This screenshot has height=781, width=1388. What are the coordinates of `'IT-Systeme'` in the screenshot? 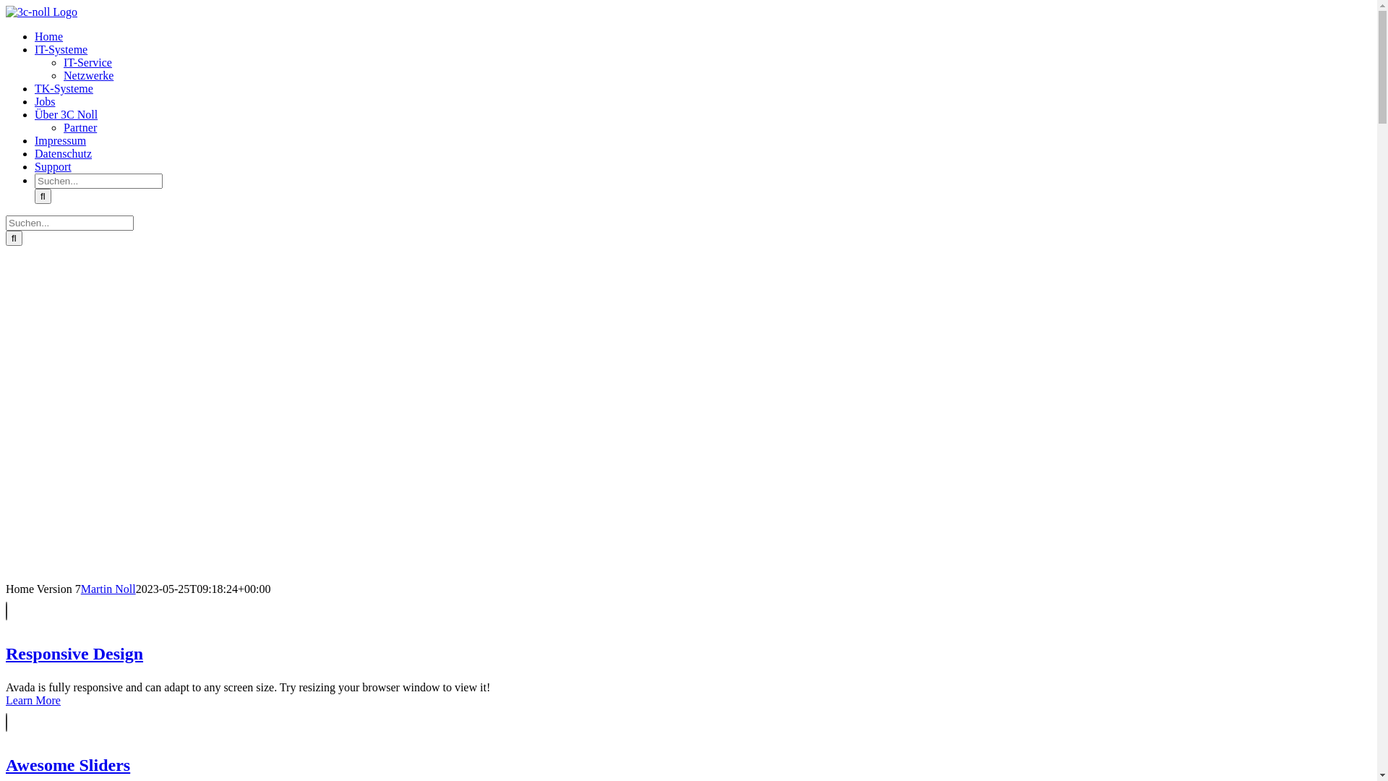 It's located at (60, 48).